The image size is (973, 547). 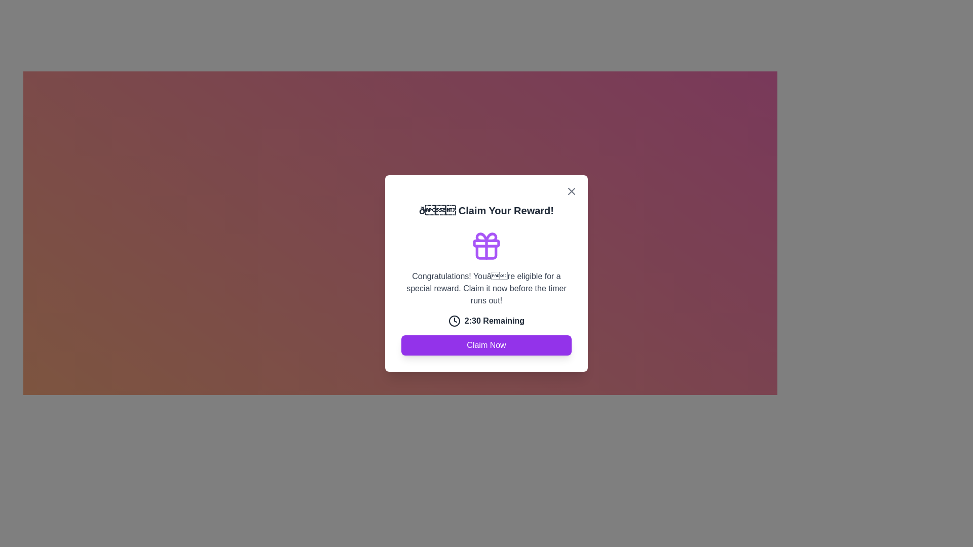 I want to click on informational text block located below the purple gift icon in the modal window, which provides details about an available reward and references a timer, so click(x=486, y=289).